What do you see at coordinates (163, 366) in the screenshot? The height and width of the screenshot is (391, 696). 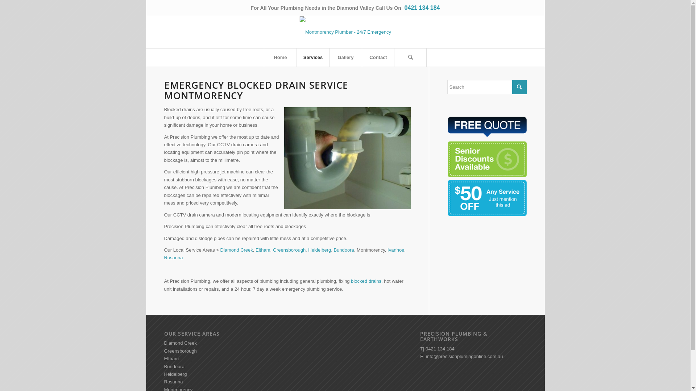 I see `'Bundoora'` at bounding box center [163, 366].